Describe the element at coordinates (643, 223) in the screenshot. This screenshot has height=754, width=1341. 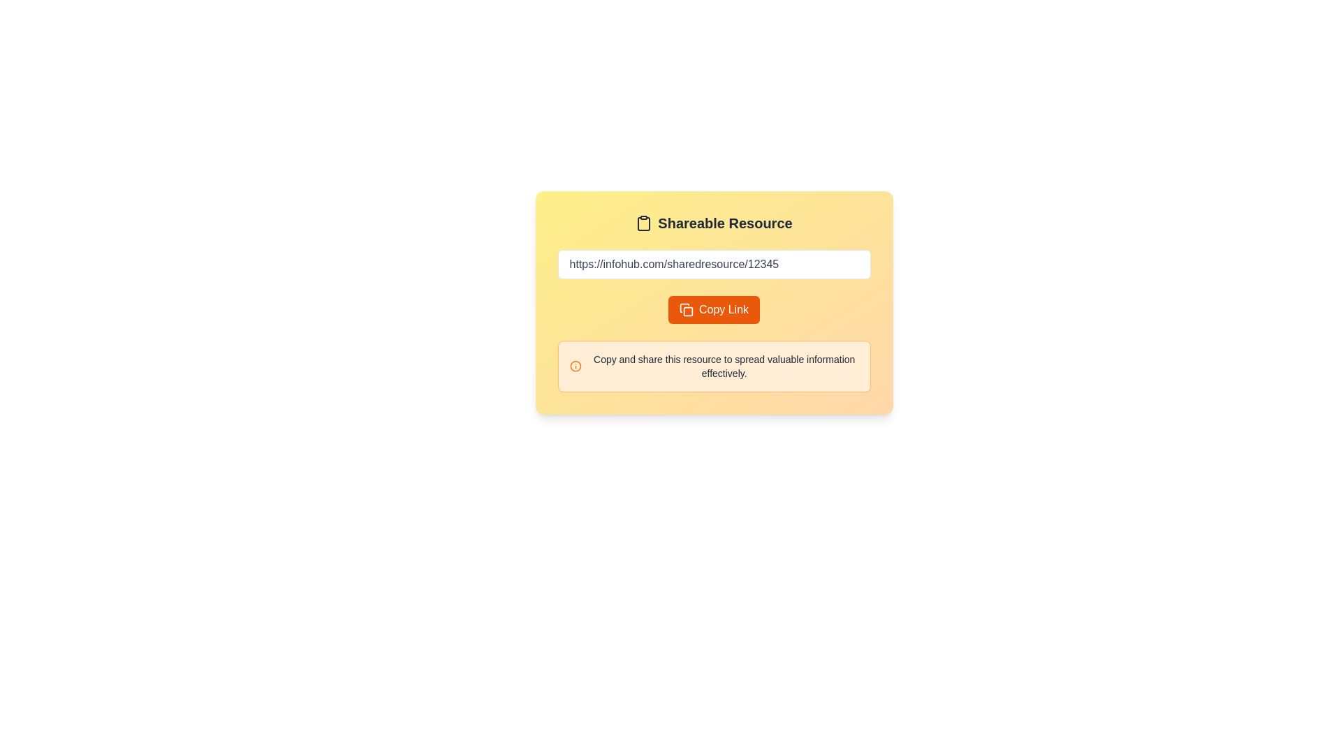
I see `the clipboard icon located at the leftmost position of the header section labeled 'Shareable Resource'` at that location.